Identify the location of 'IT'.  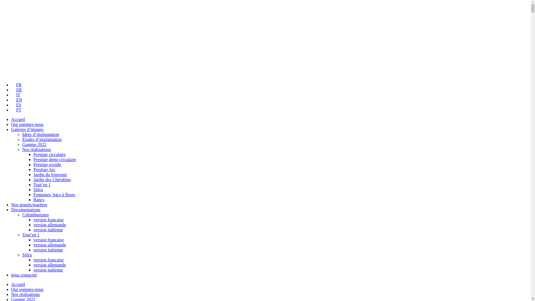
(16, 94).